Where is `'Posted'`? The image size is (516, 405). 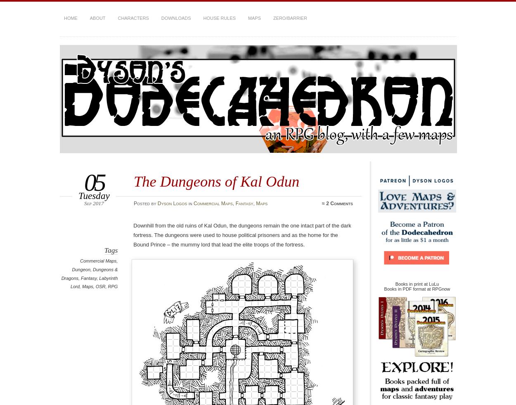 'Posted' is located at coordinates (142, 202).